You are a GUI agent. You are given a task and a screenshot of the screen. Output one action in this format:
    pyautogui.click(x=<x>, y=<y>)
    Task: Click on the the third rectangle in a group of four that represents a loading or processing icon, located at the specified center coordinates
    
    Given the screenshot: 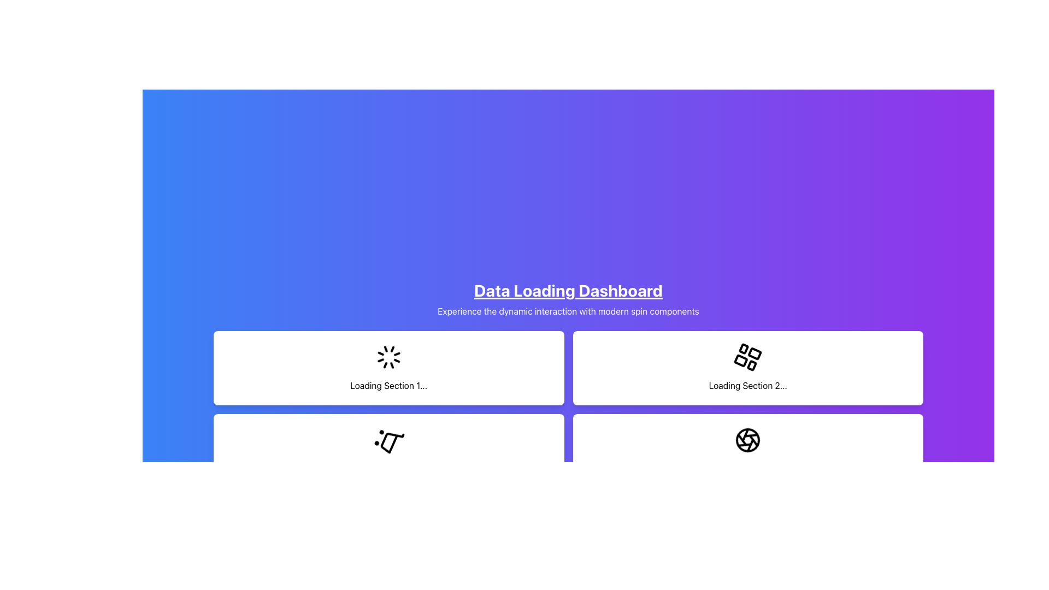 What is the action you would take?
    pyautogui.click(x=741, y=354)
    